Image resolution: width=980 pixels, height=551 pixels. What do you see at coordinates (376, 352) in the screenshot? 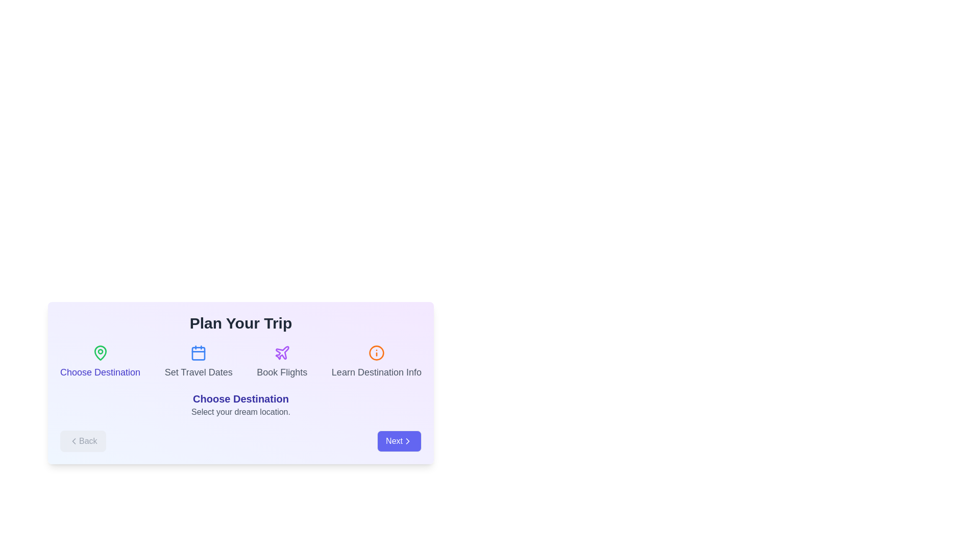
I see `the orange circular icon with an 'i' symbol inside, located above the text 'Learn Destination Info' under the heading 'Plan Your Trip'` at bounding box center [376, 352].